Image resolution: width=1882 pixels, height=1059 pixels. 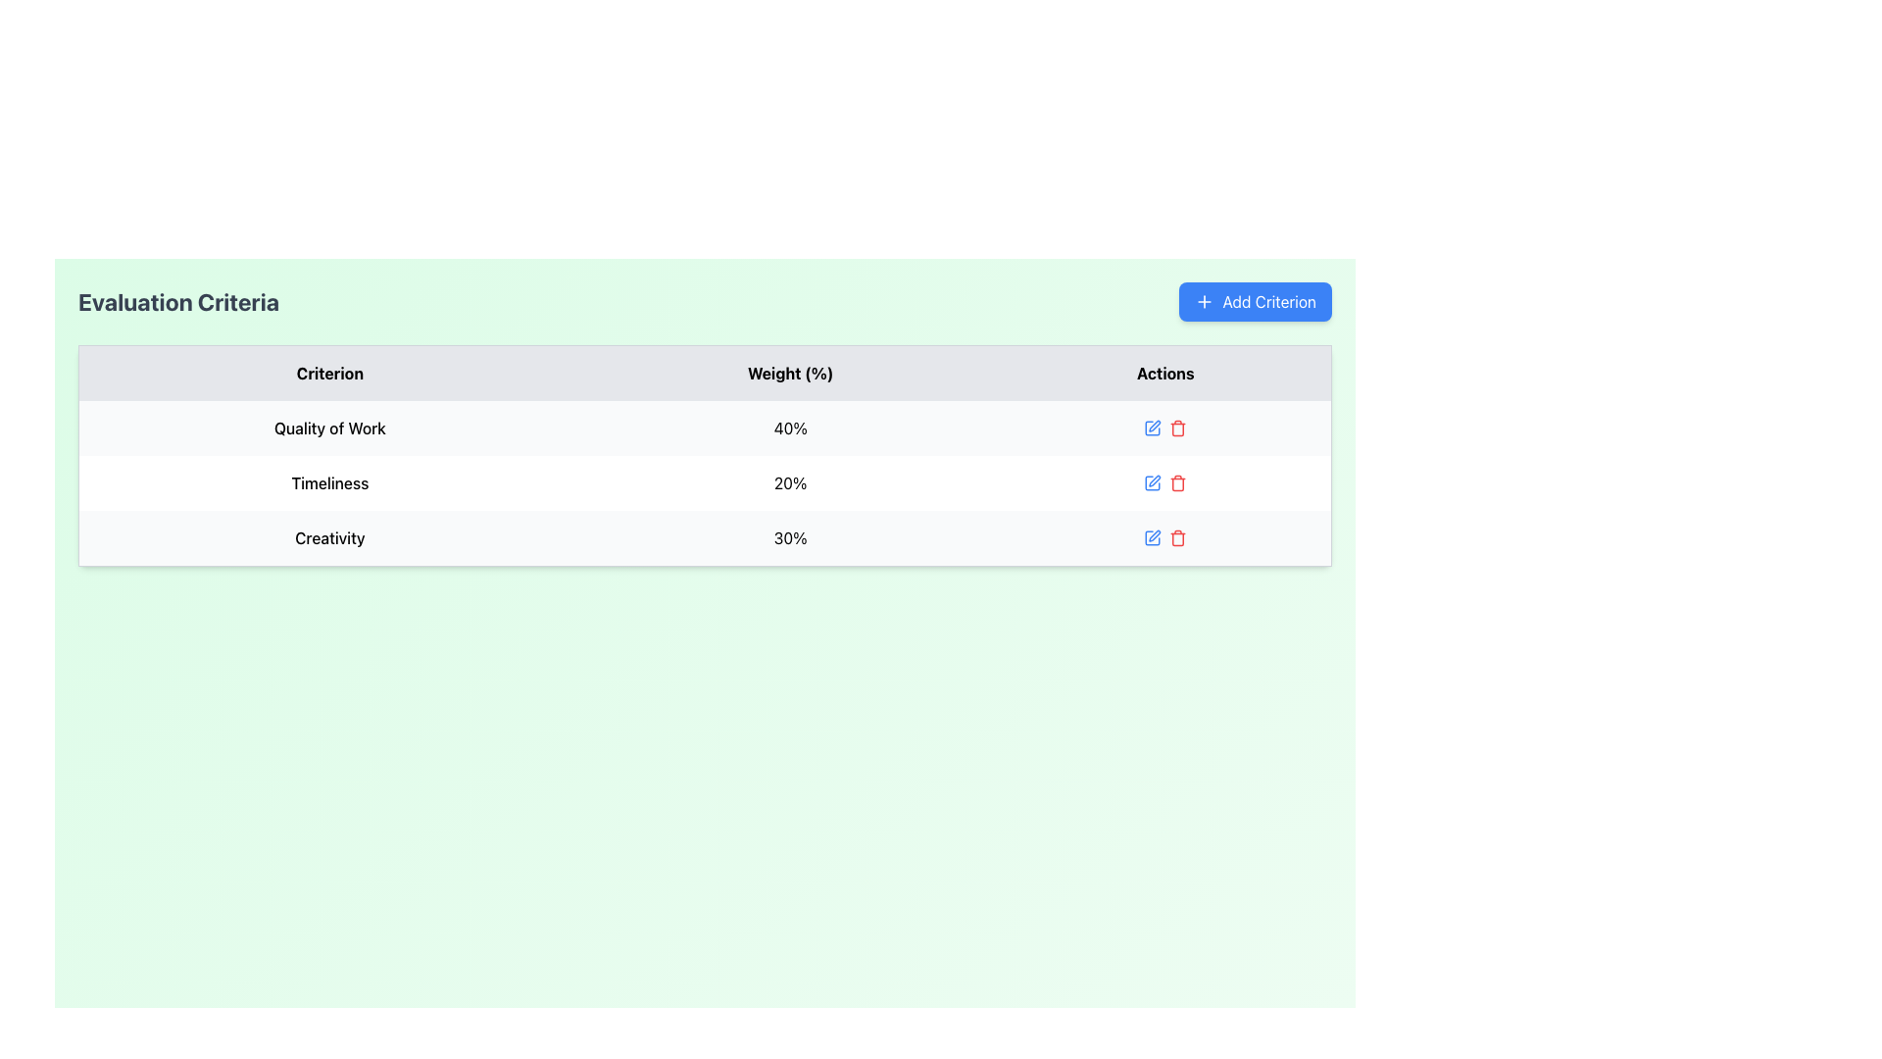 I want to click on the interactive icon button in the 'Actions' column of the second row, so click(x=1153, y=483).